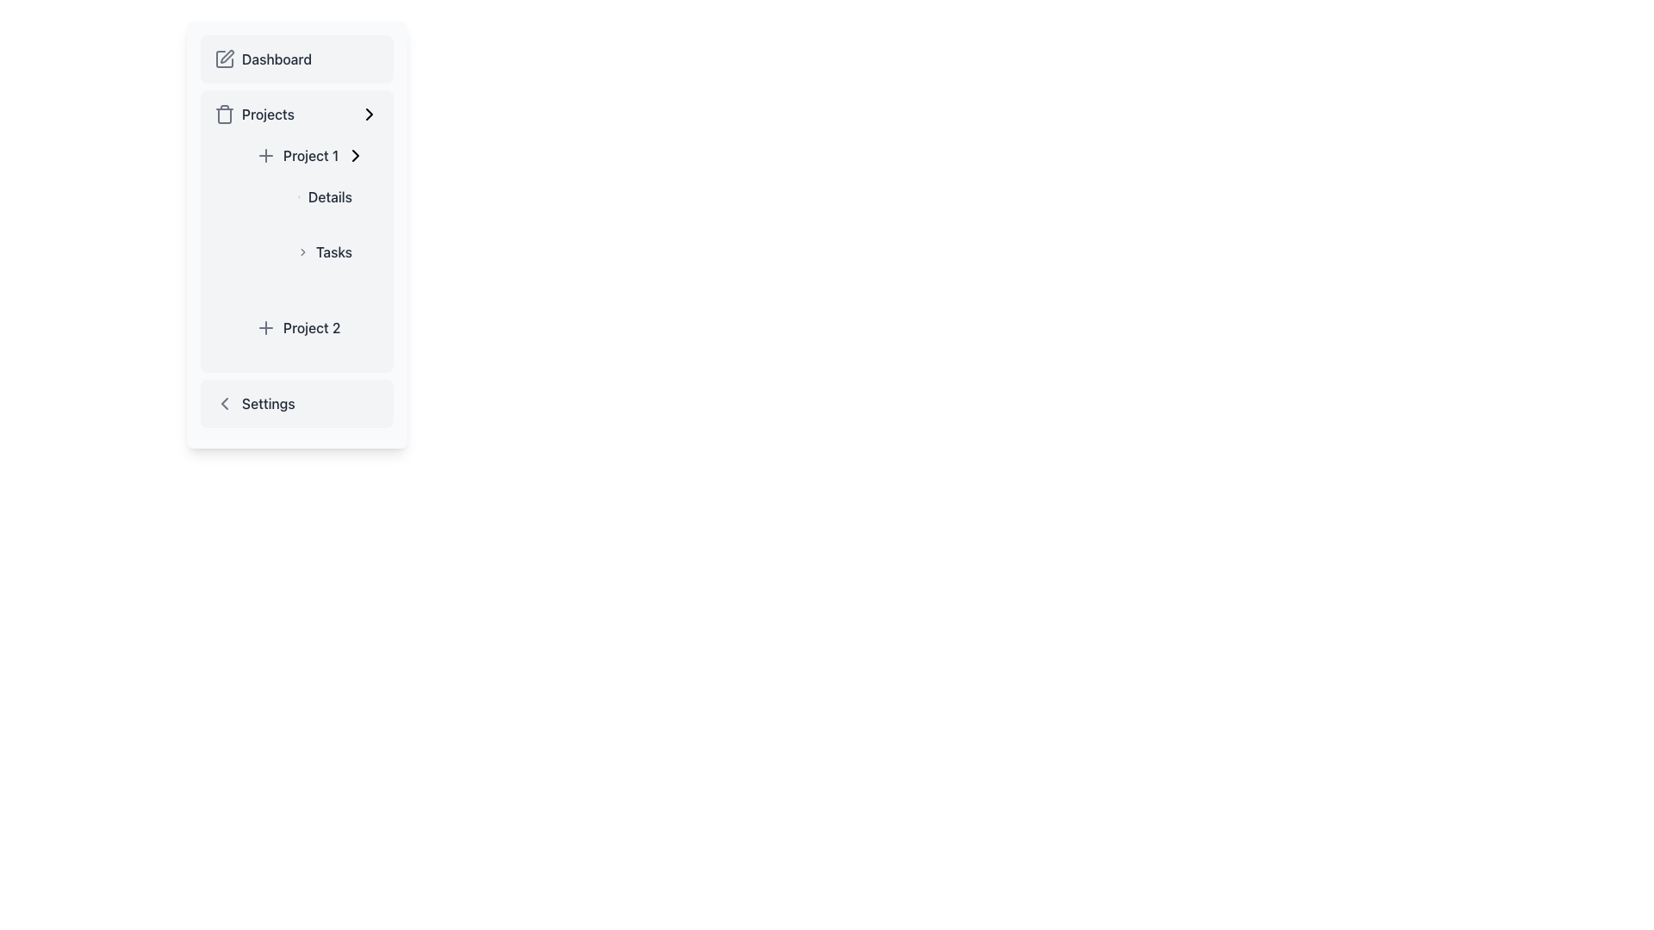  Describe the element at coordinates (325, 252) in the screenshot. I see `the 'Tasks' menu item located in the sidebar, which is styled with a light-gray background and includes a chevron icon followed by the text label` at that location.